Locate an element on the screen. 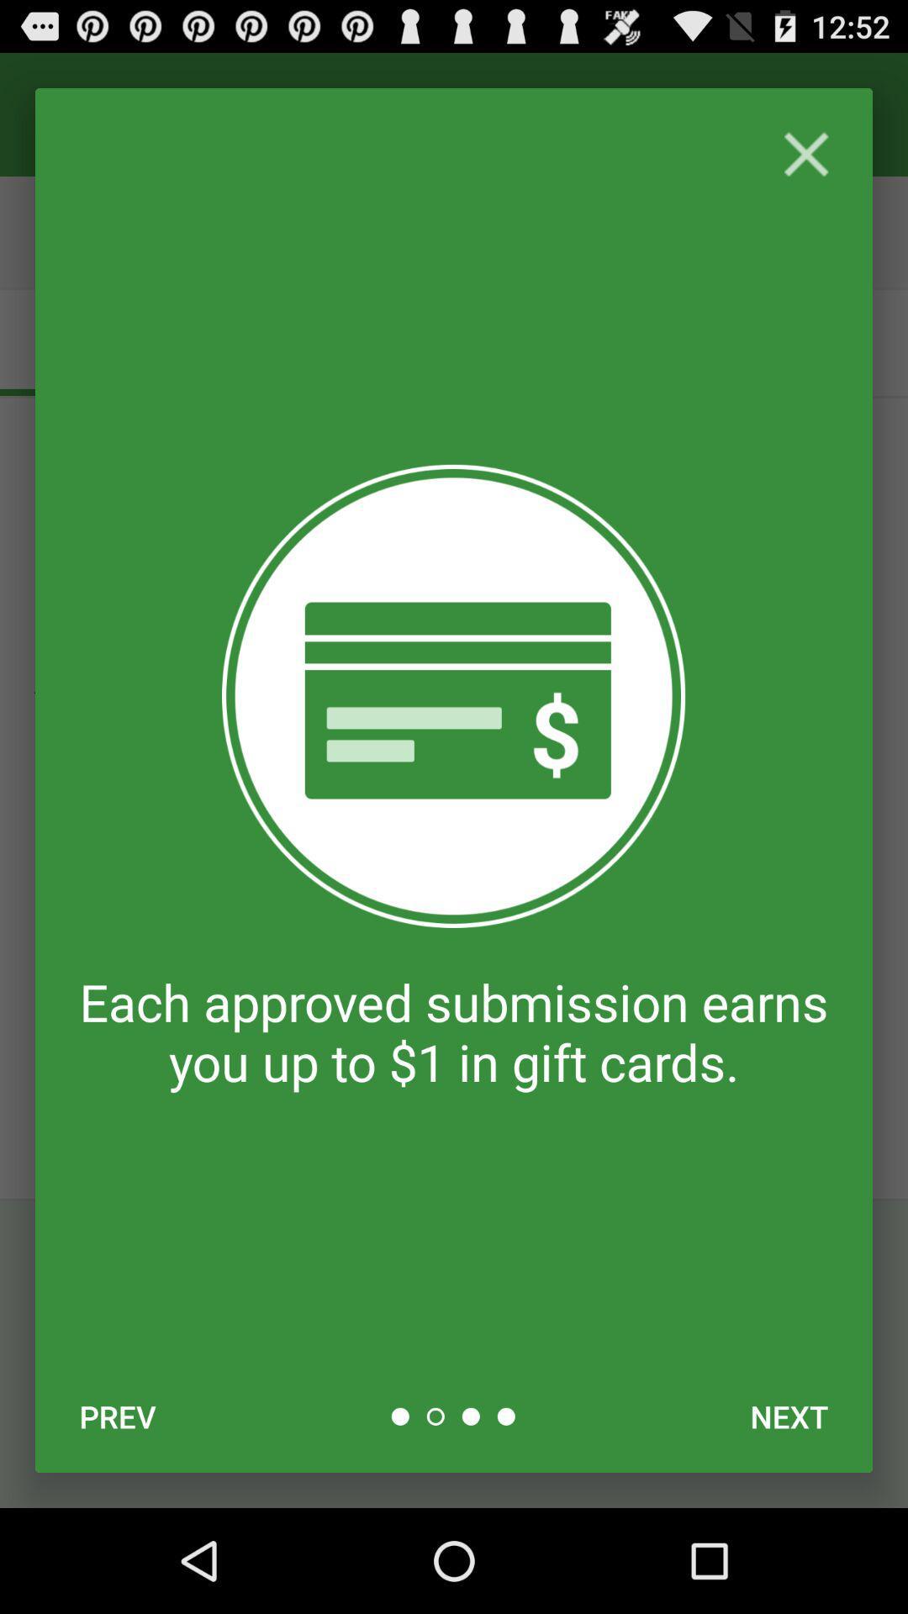 This screenshot has width=908, height=1614. the prev icon is located at coordinates (117, 1416).